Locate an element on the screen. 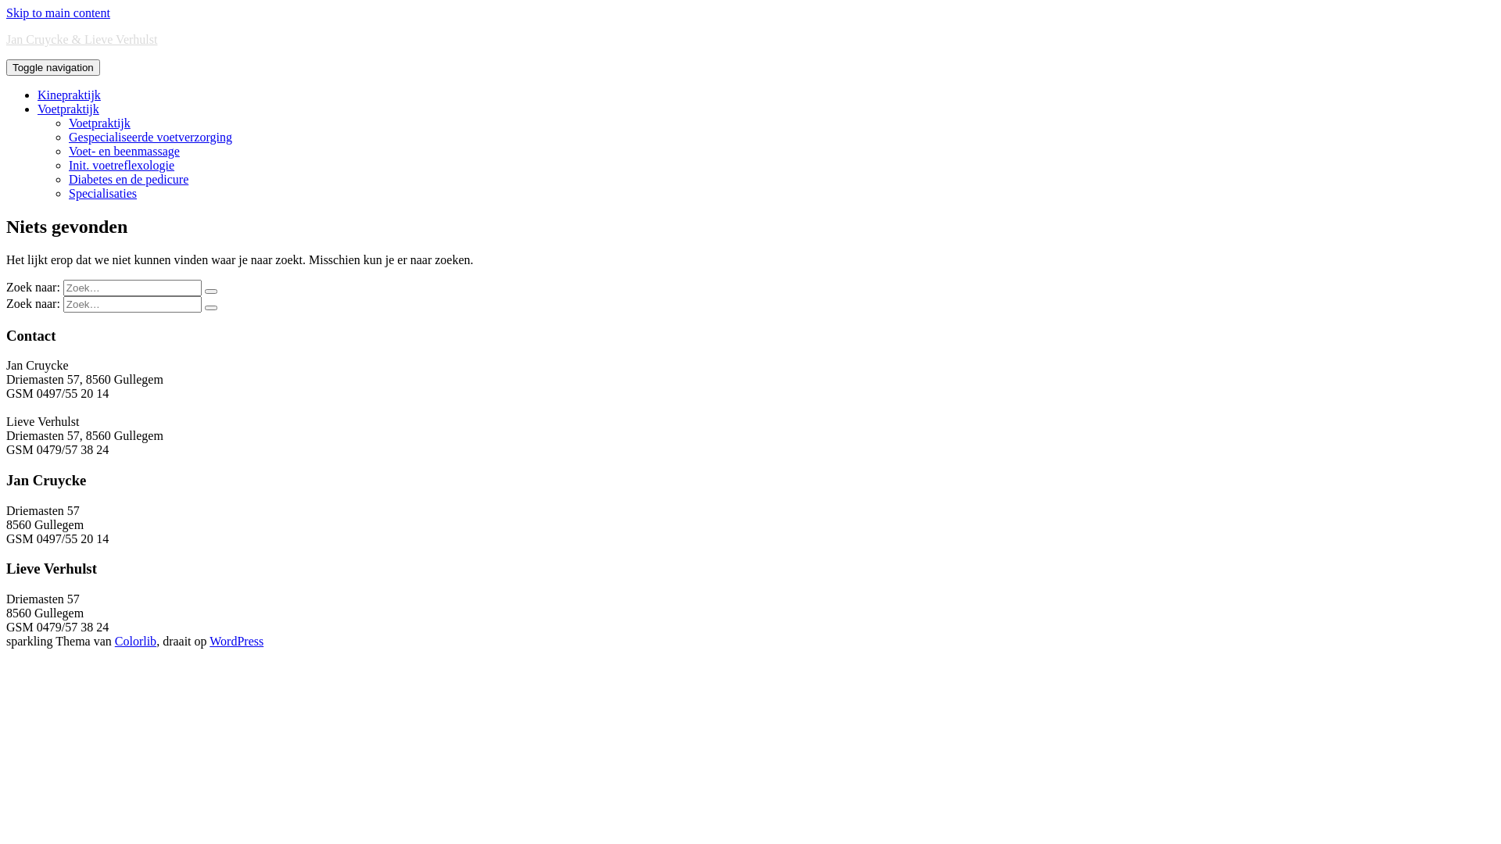  'WordPress' is located at coordinates (235, 641).